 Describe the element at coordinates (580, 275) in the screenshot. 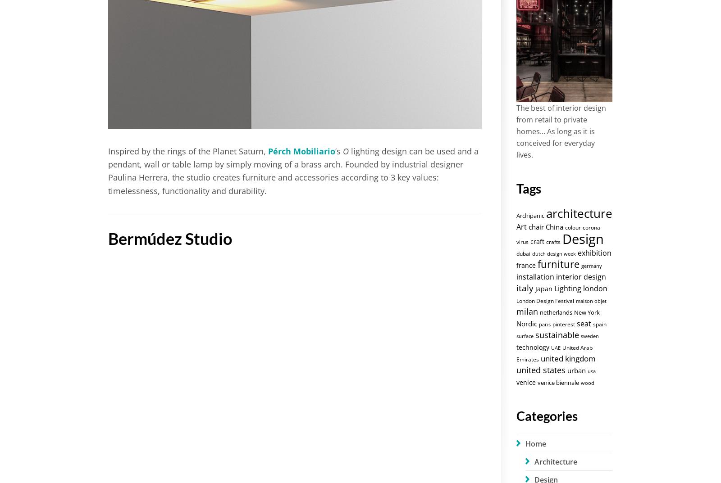

I see `'interior design'` at that location.